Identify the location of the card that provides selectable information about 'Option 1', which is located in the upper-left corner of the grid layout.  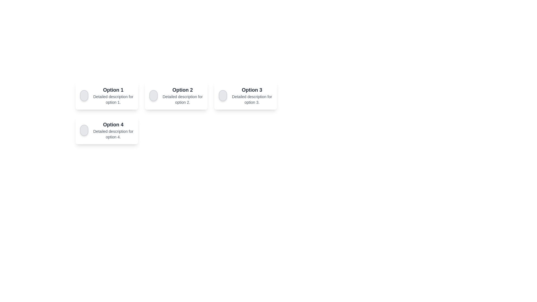
(107, 95).